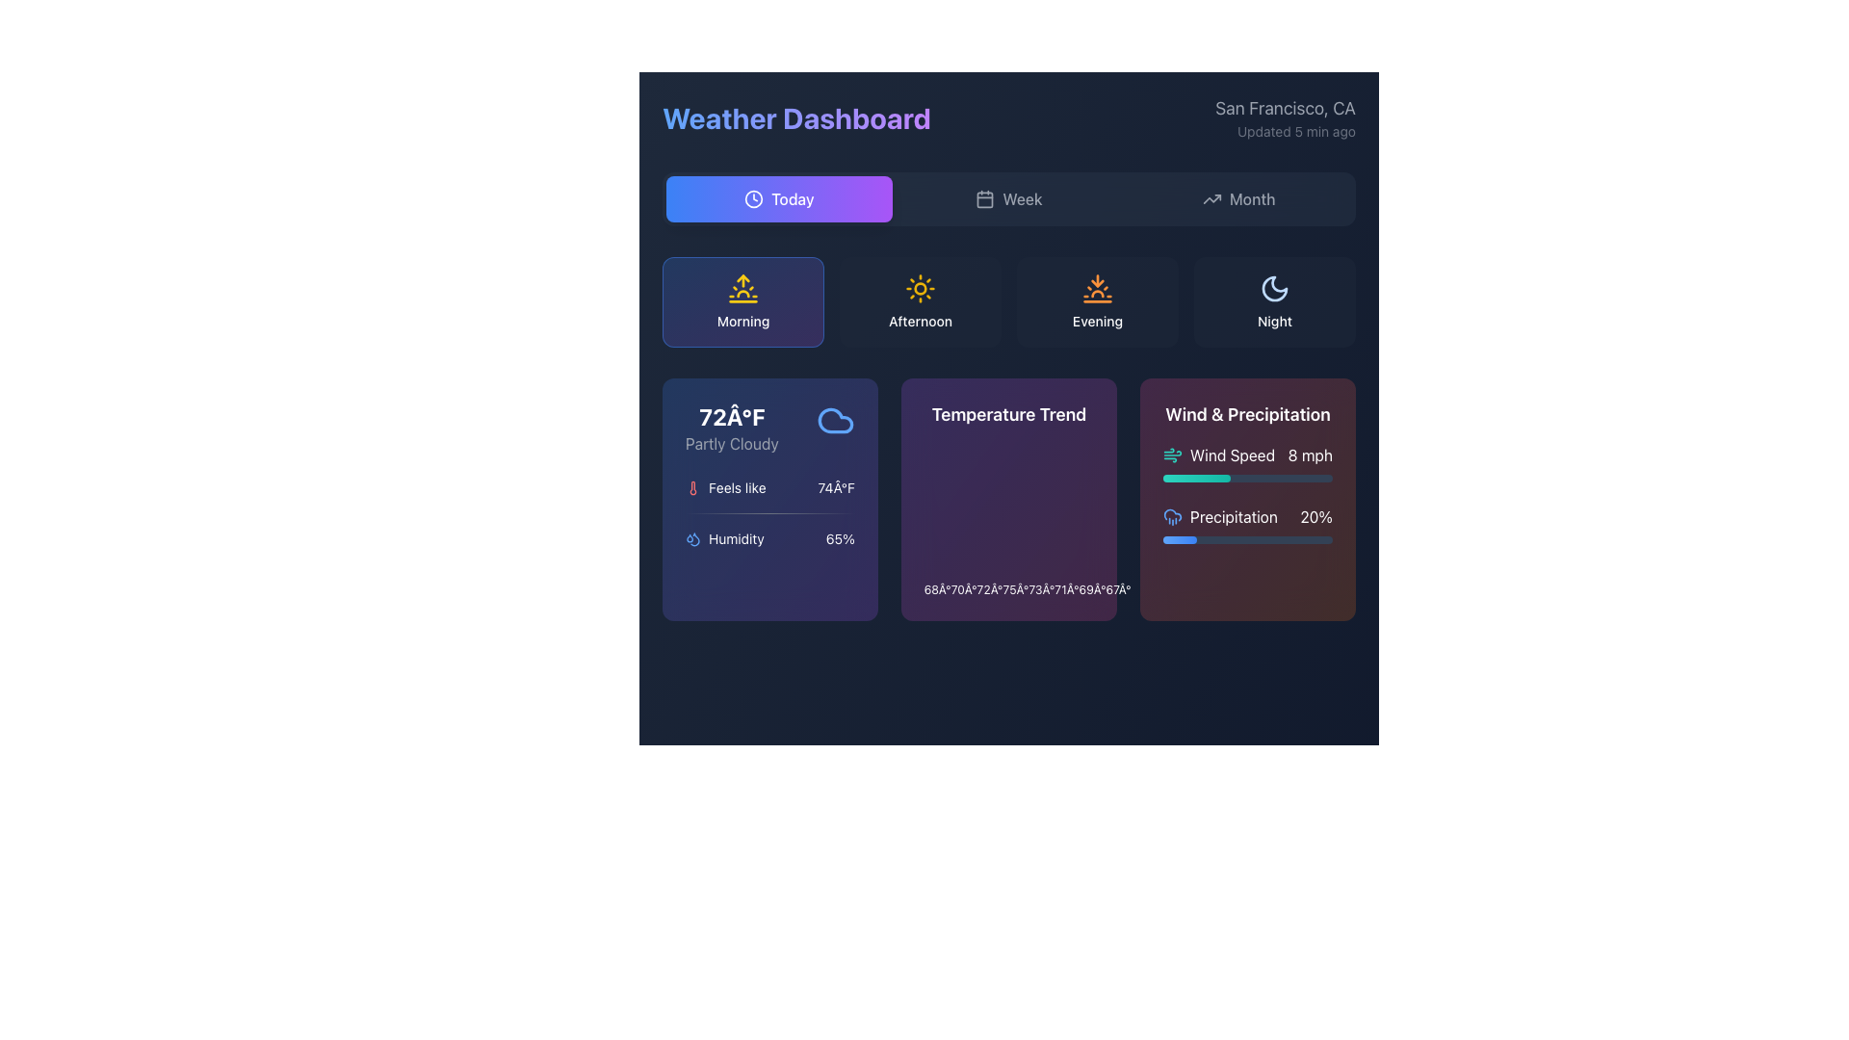 The width and height of the screenshot is (1849, 1040). I want to click on the 'Temperature Trend' title text label located at the top of the Temperature Trend card in the Weather Dashboard, so click(1007, 414).